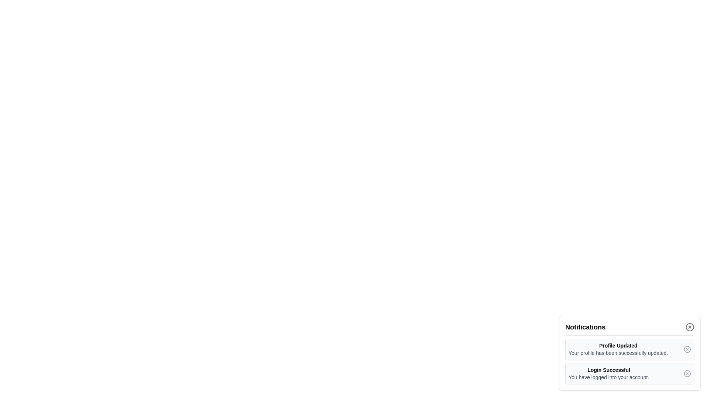 This screenshot has width=708, height=398. Describe the element at coordinates (585, 327) in the screenshot. I see `text label that says 'Notifications' prominently displayed in bold at the top-left corner of the notification panel` at that location.